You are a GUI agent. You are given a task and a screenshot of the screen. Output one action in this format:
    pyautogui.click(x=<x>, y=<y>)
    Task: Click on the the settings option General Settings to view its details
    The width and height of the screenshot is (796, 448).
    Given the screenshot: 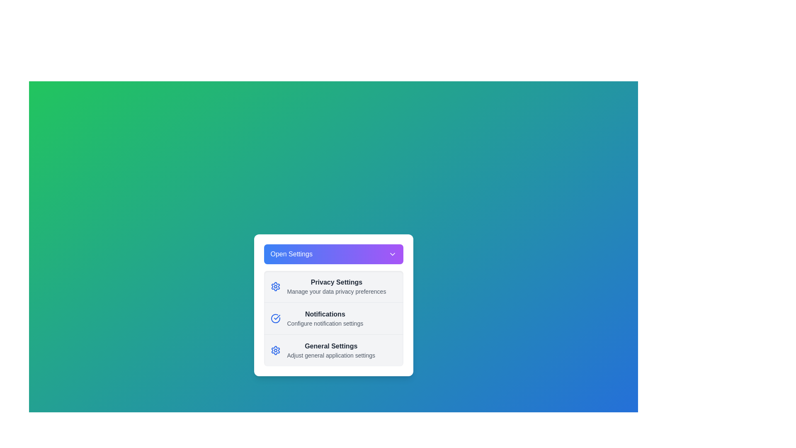 What is the action you would take?
    pyautogui.click(x=333, y=350)
    